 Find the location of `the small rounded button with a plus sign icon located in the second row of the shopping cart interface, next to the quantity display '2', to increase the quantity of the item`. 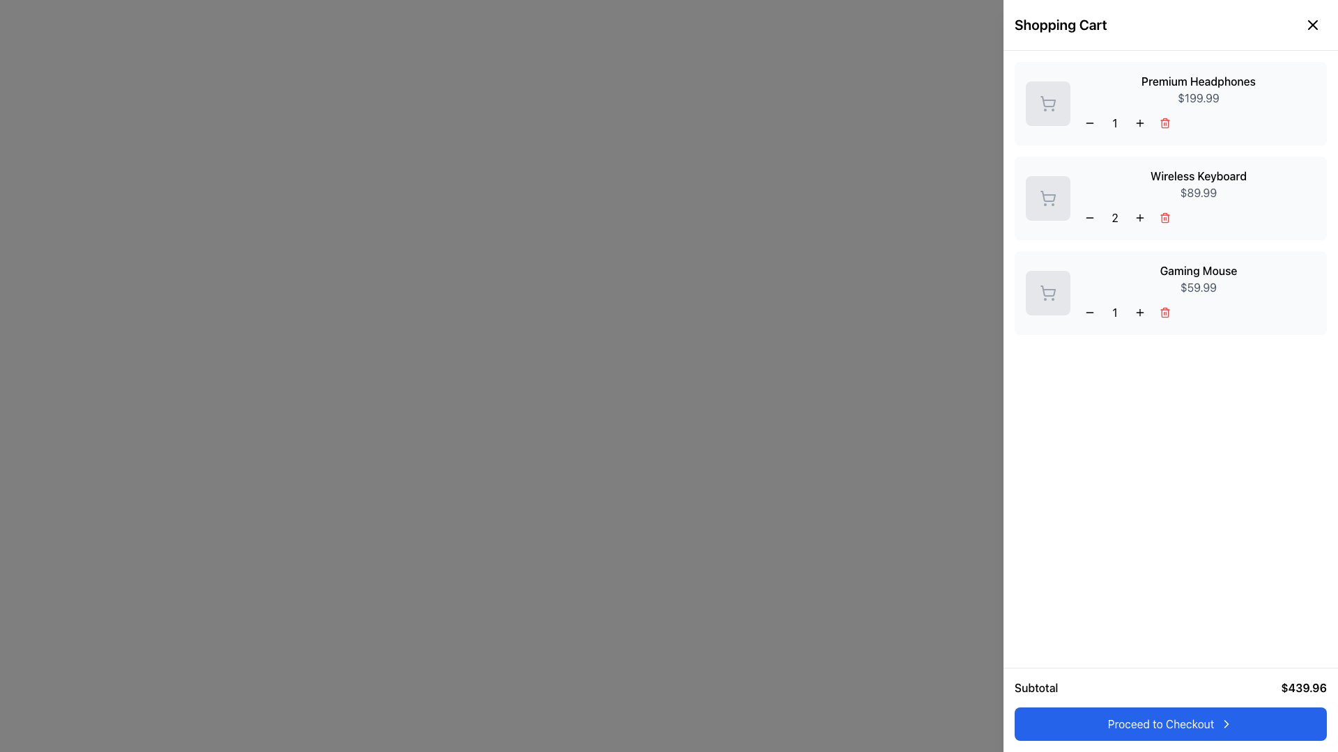

the small rounded button with a plus sign icon located in the second row of the shopping cart interface, next to the quantity display '2', to increase the quantity of the item is located at coordinates (1140, 217).